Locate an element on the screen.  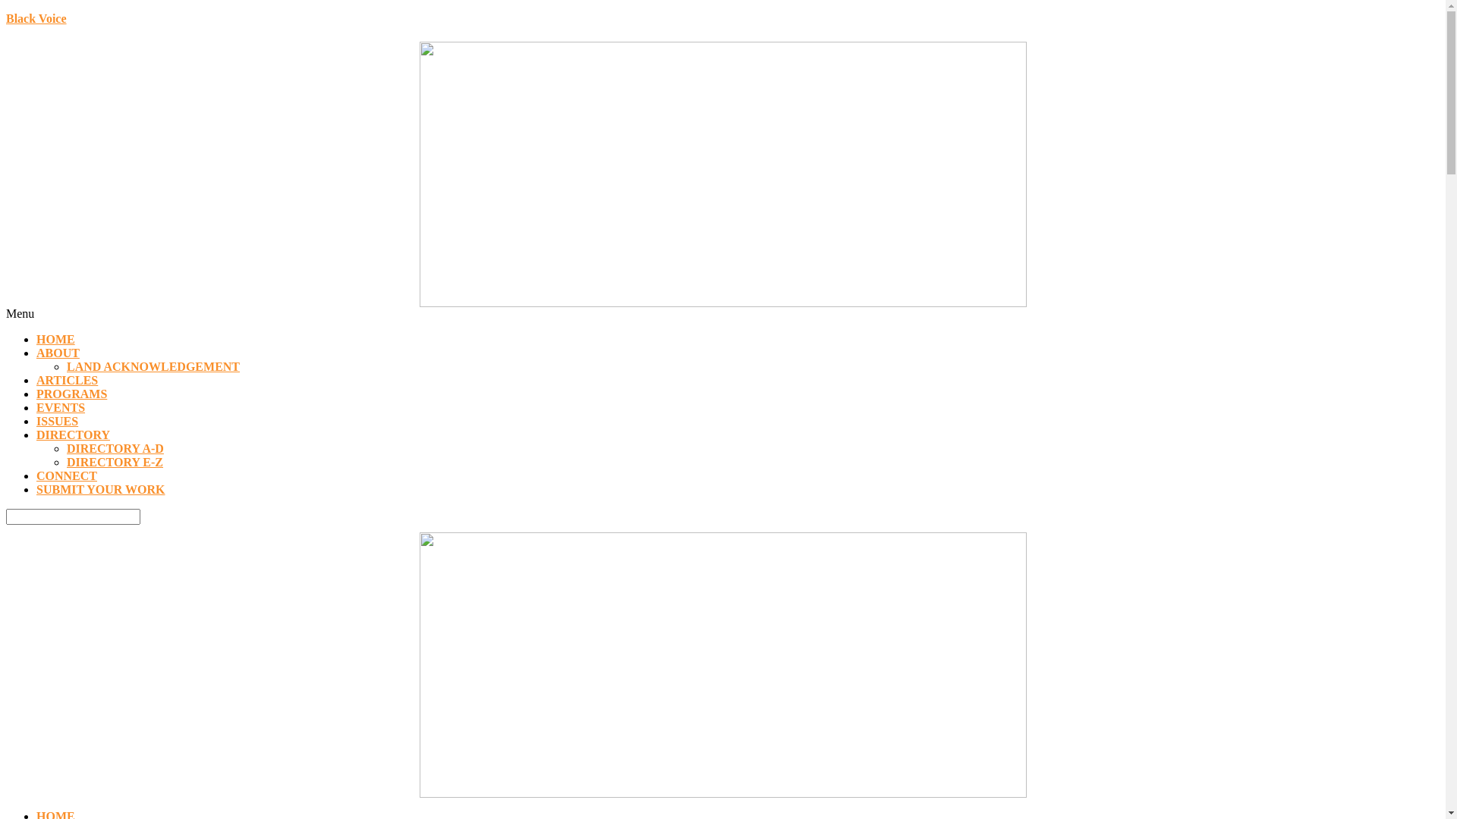
'DIRECTORY A-D' is located at coordinates (115, 447).